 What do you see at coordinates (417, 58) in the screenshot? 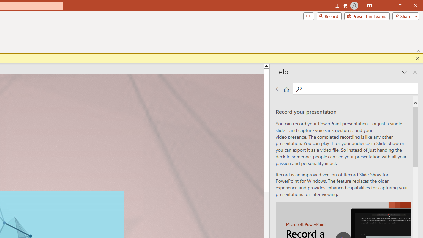
I see `'Close this message'` at bounding box center [417, 58].